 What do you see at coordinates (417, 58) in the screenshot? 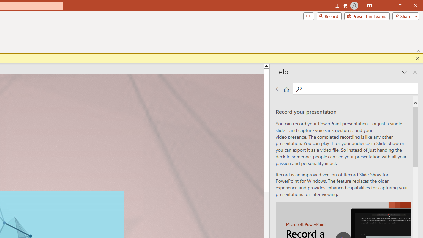
I see `'Close this message'` at bounding box center [417, 58].